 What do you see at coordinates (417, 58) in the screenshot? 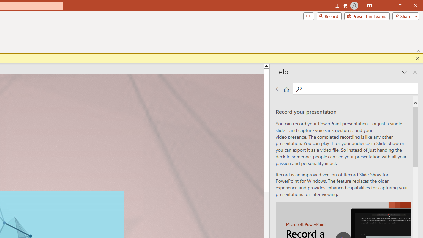
I see `'Close this message'` at bounding box center [417, 58].